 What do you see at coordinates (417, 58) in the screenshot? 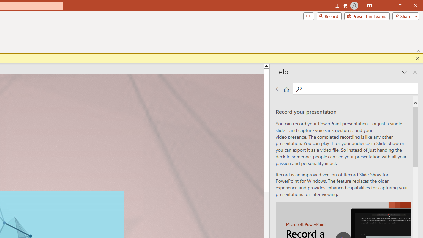
I see `'Close this message'` at bounding box center [417, 58].